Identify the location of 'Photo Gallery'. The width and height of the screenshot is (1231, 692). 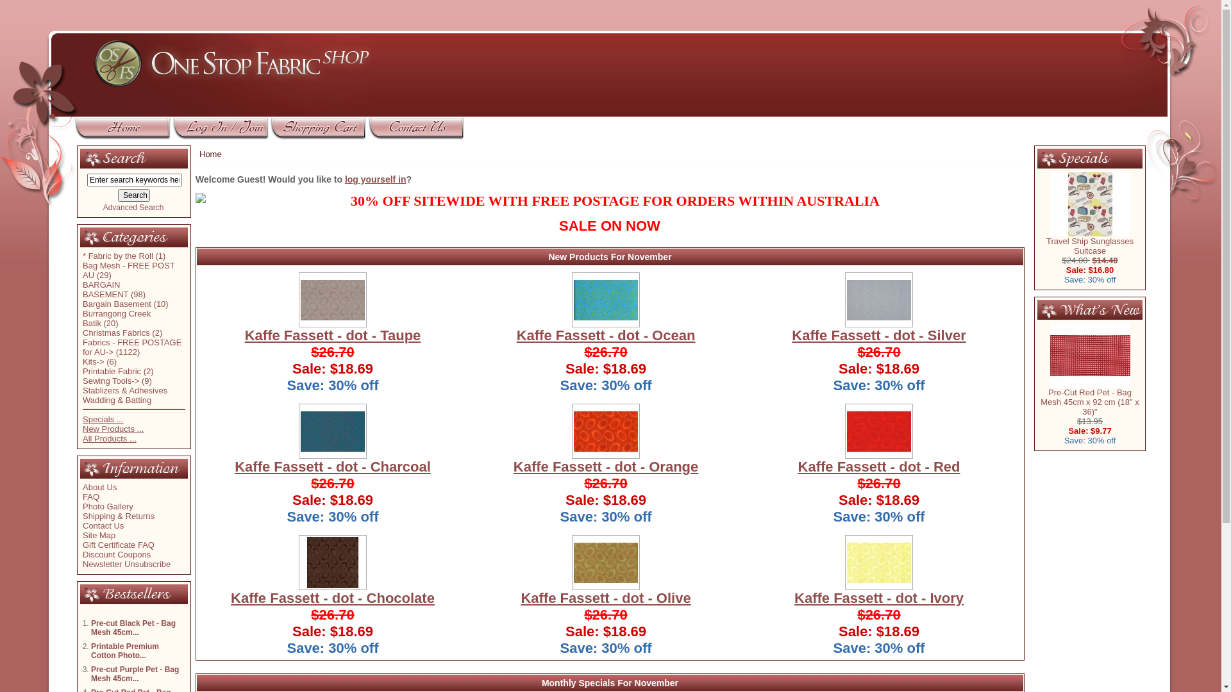
(82, 505).